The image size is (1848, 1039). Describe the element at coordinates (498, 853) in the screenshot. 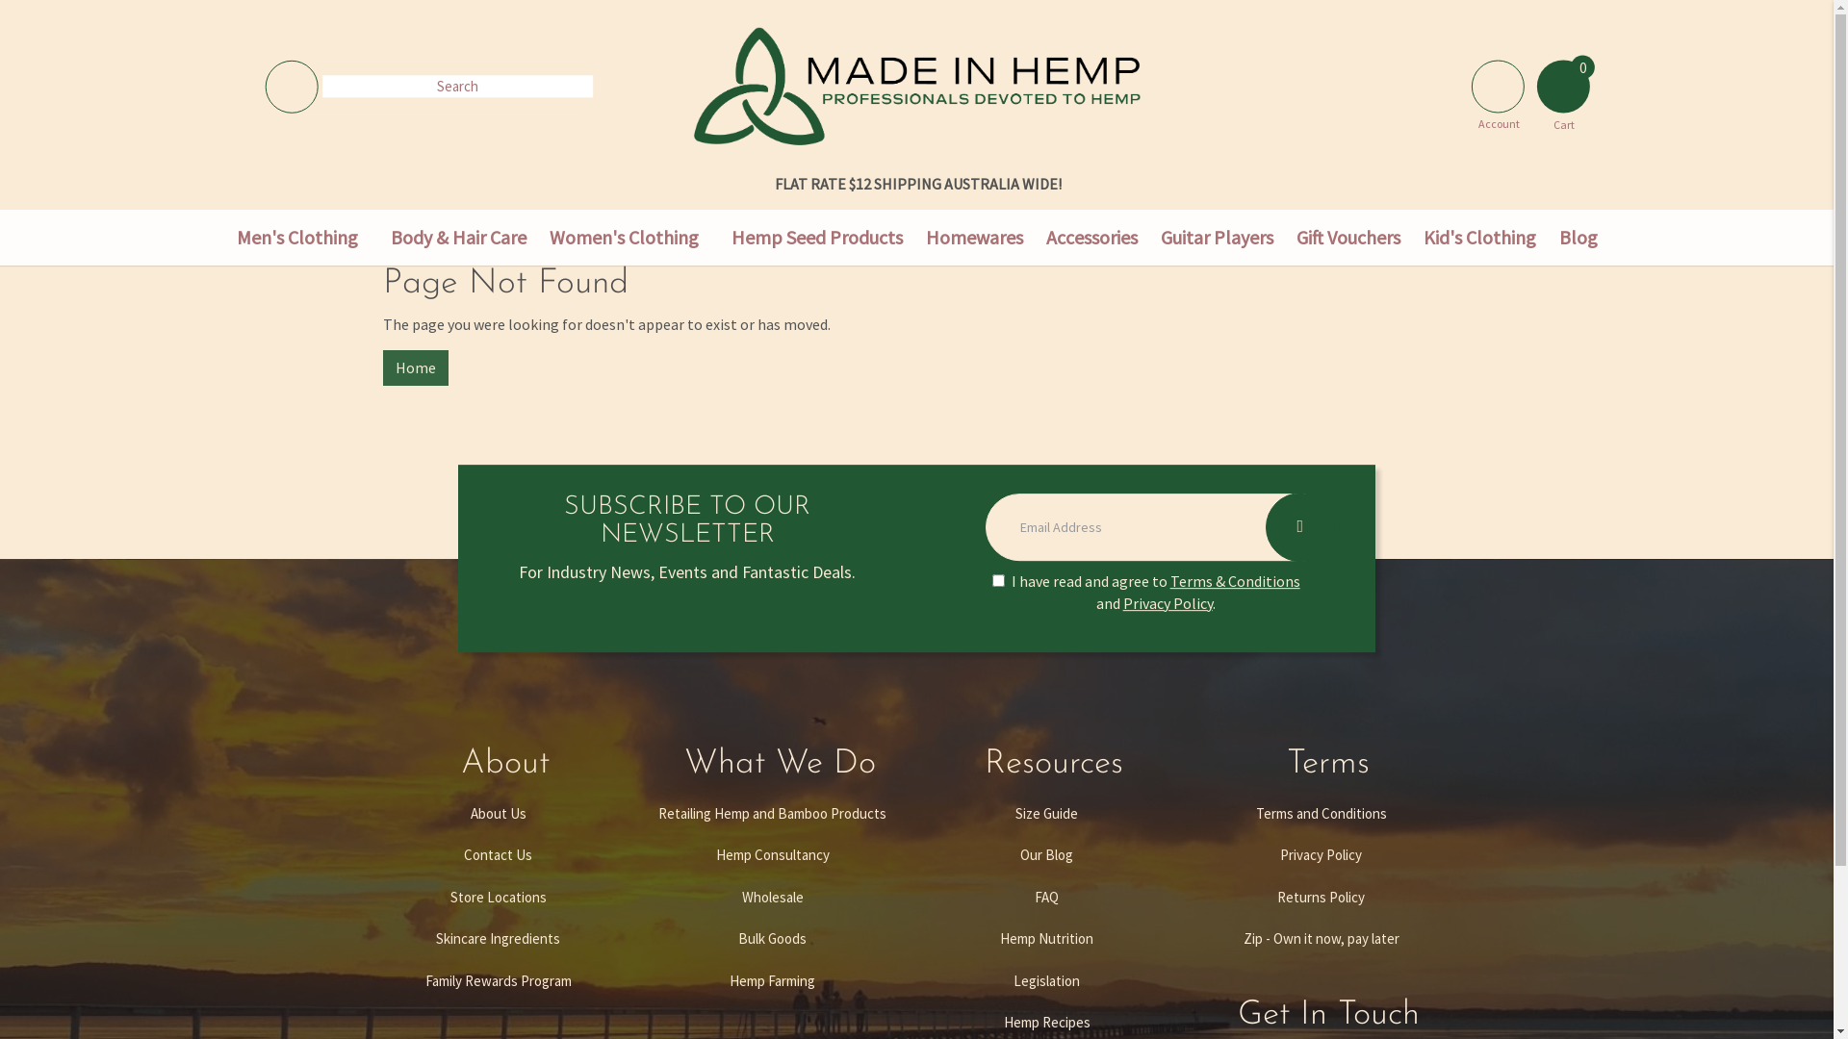

I see `'Contact Us'` at that location.